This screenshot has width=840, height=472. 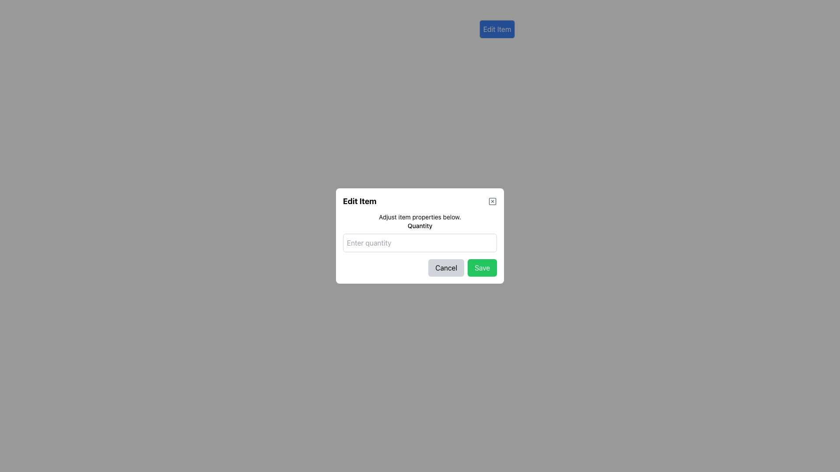 What do you see at coordinates (493, 201) in the screenshot?
I see `the close button located in the top-right corner of the modal, next to the 'Edit Item' title for visual feedback` at bounding box center [493, 201].